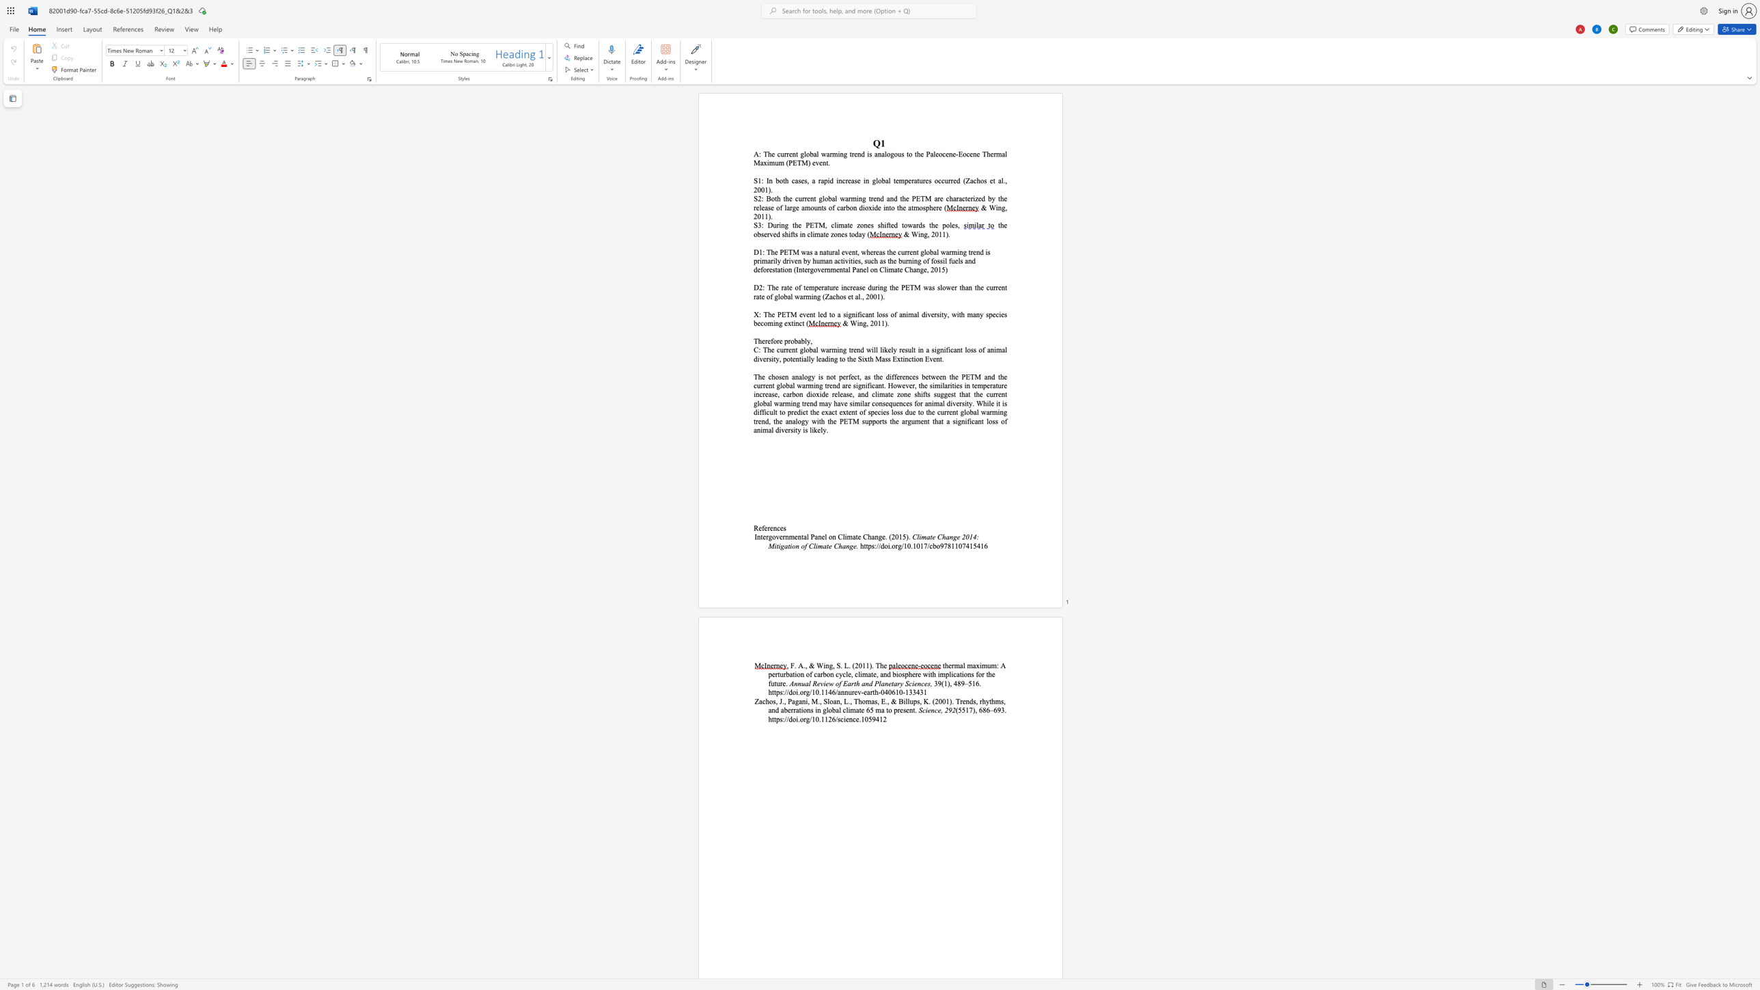 The height and width of the screenshot is (990, 1760). I want to click on the space between the continuous character "1" and "5" in the text, so click(973, 545).